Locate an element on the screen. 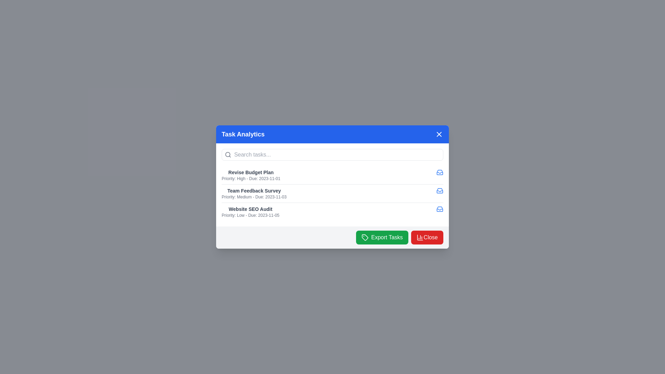 The width and height of the screenshot is (665, 374). the search icon resembling a magnifying glass located inside the search bar at the top of the modal window, immediately left of the 'Search tasks...' text input field is located at coordinates (228, 154).